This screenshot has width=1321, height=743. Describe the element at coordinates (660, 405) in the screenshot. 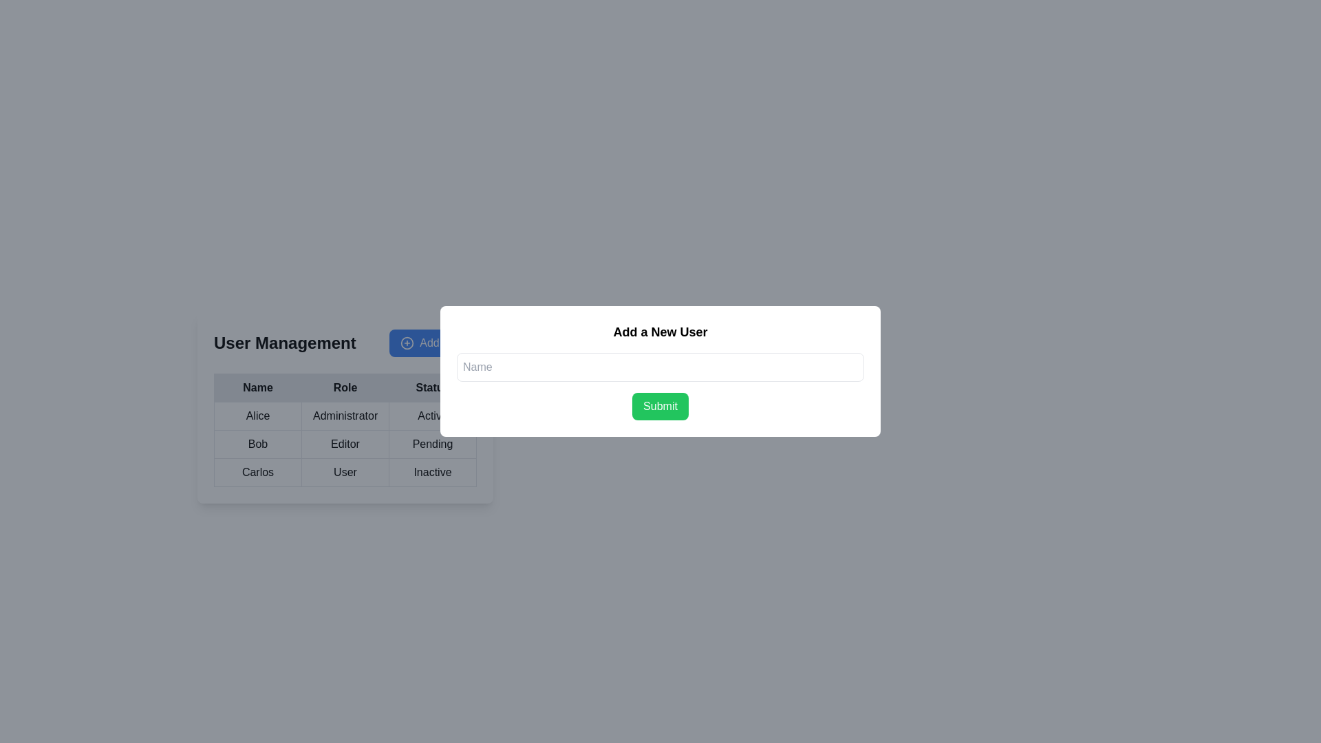

I see `the 'Submit' button located at the bottom center of the form card titled 'Add a New User'` at that location.